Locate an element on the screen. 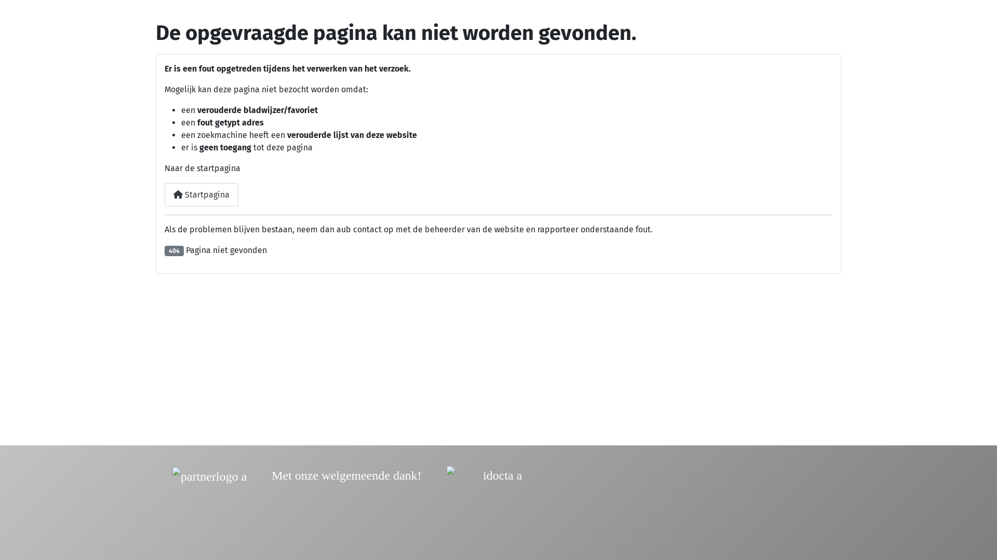 Image resolution: width=997 pixels, height=560 pixels. 'Startpagina' is located at coordinates (164, 194).